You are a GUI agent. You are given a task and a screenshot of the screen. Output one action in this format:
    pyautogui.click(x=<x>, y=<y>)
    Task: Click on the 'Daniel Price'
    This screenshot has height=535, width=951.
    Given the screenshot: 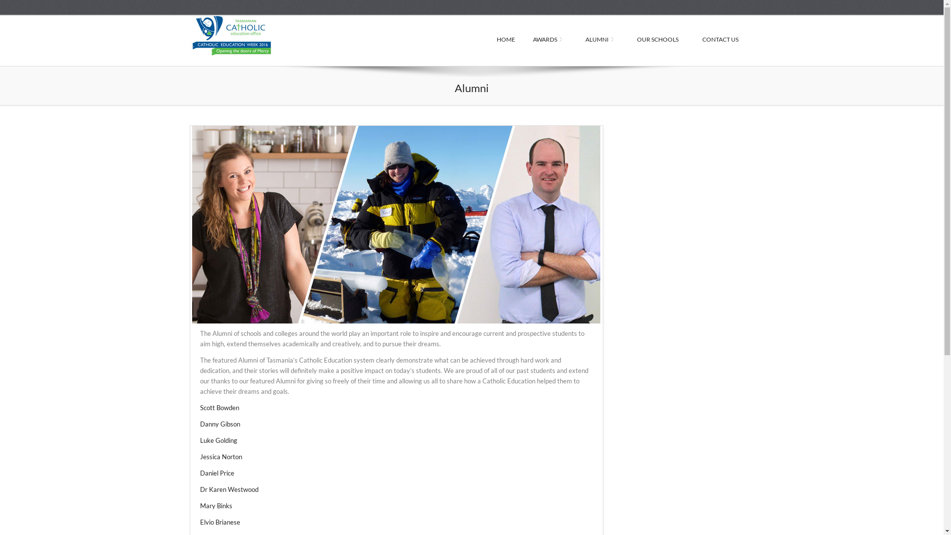 What is the action you would take?
    pyautogui.click(x=216, y=473)
    